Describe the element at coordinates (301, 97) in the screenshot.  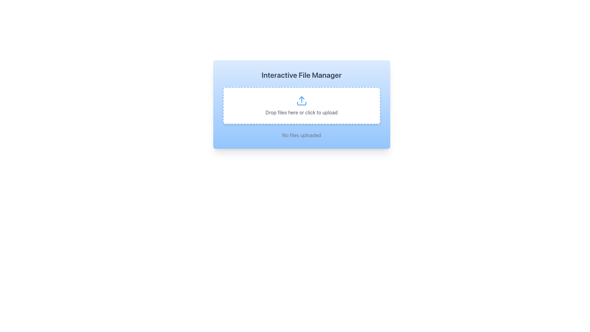
I see `the upward-oriented blue triangle icon, which is part of the upload icon in the central interactive file upload area` at that location.